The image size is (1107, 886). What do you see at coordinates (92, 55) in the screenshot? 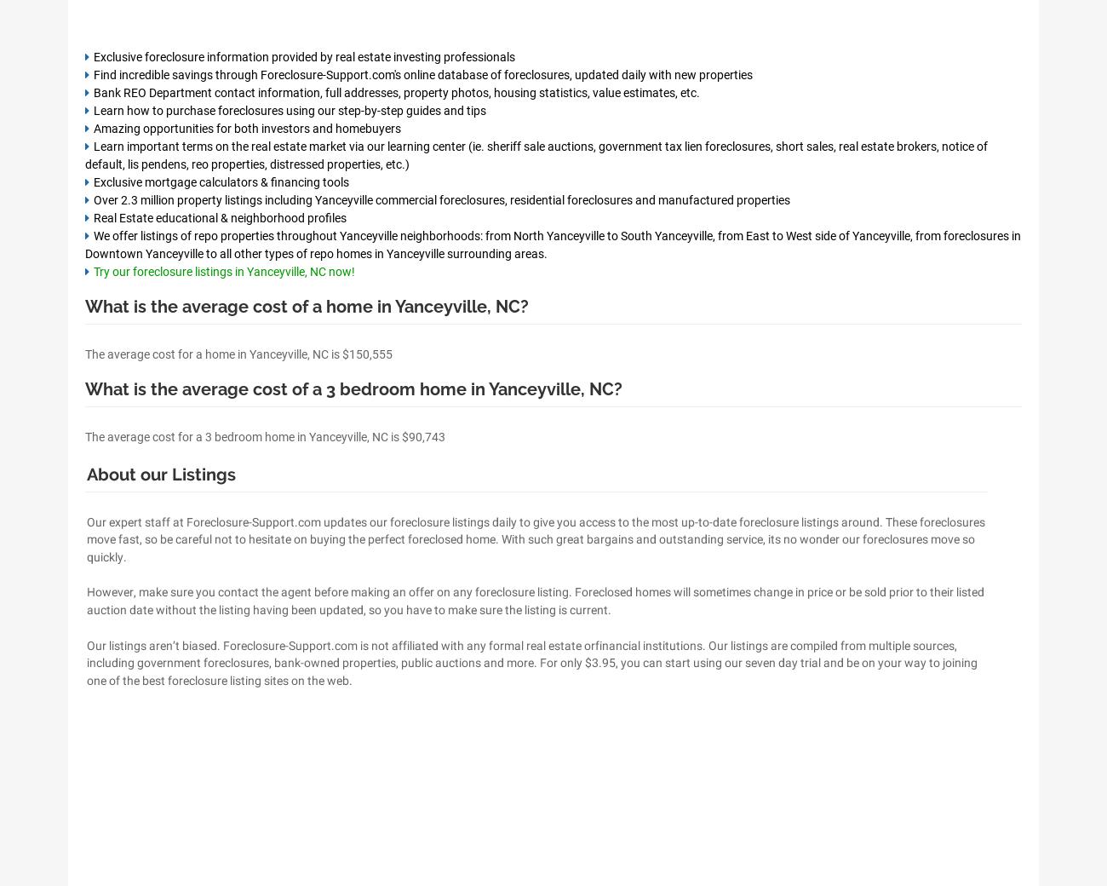
I see `'Exclusive foreclosure information provided by real estate investing professionals'` at bounding box center [92, 55].